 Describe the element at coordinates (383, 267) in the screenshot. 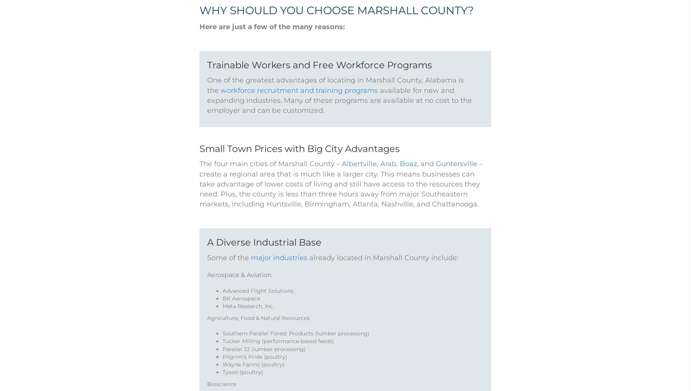

I see `'already located in Marshall County include:'` at that location.